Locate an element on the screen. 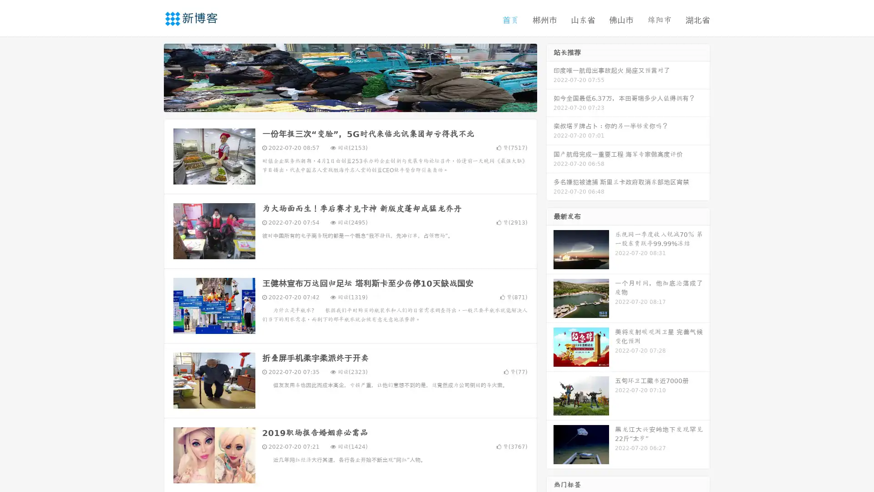 Image resolution: width=874 pixels, height=492 pixels. Go to slide 2 is located at coordinates (350, 102).